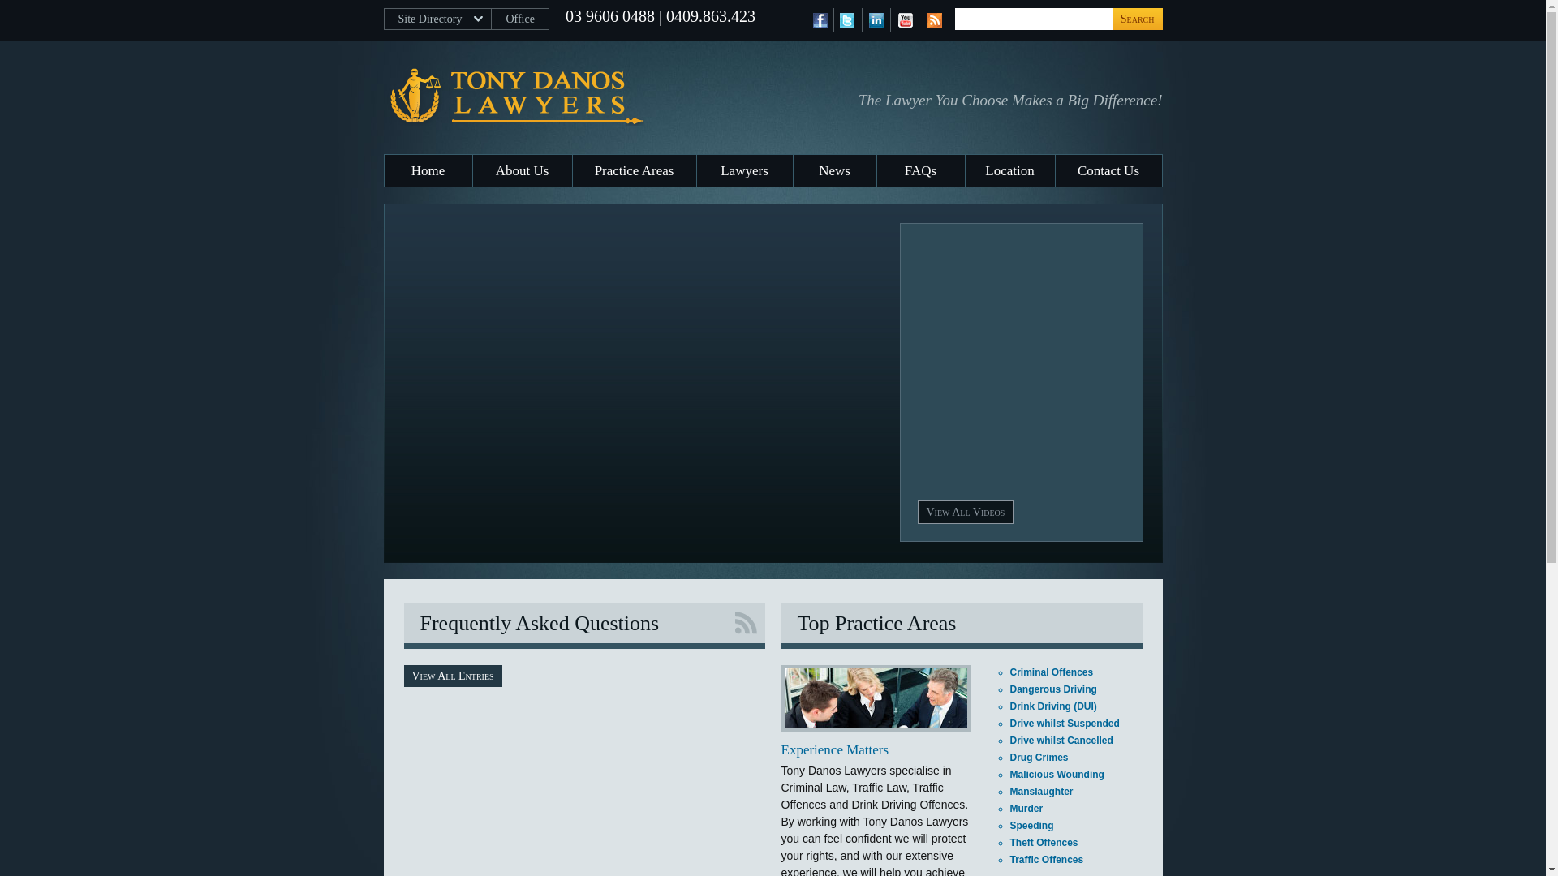 This screenshot has height=876, width=1558. Describe the element at coordinates (588, 95) in the screenshot. I see `'Tony Danos Lawyers'` at that location.